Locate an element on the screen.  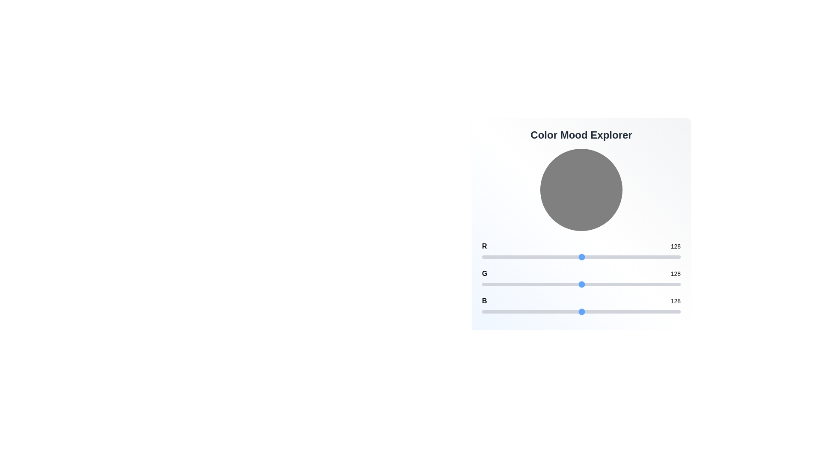
the blue channel slider to set the value to 112 is located at coordinates (569, 312).